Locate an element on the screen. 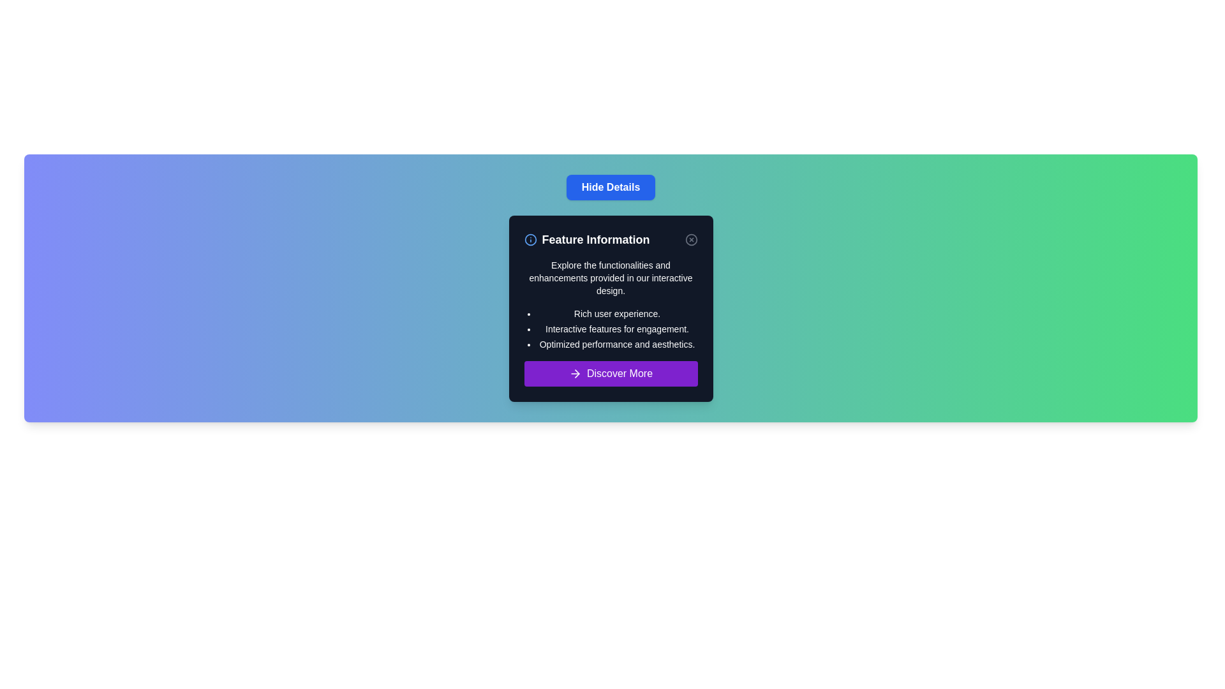 The image size is (1225, 689). the text element reading 'Interactive features for engagement.' which is the second item in a bullet-point list under the heading 'Feature Information.' is located at coordinates (617, 329).